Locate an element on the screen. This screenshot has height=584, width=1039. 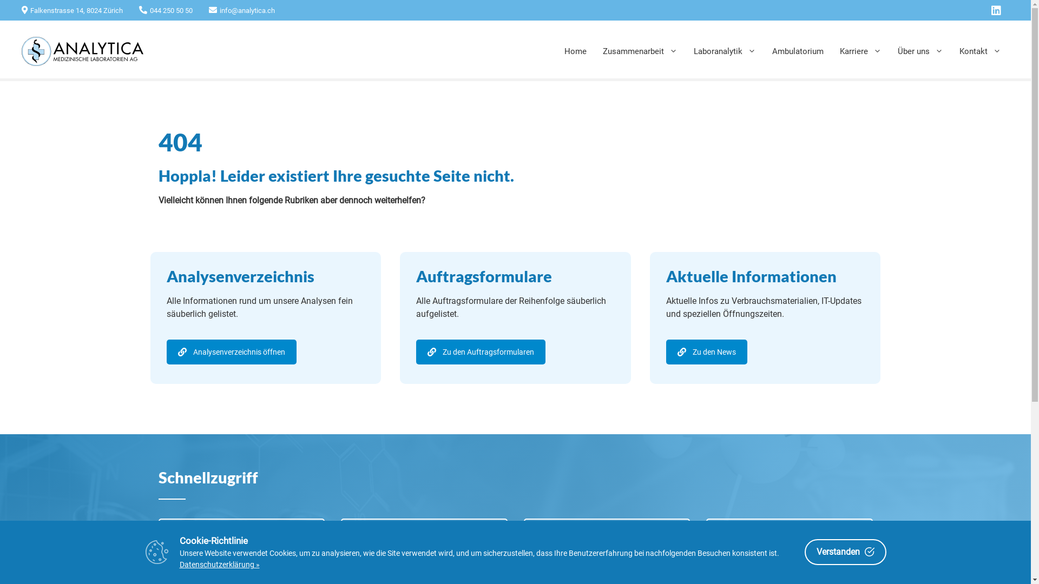
'Zusammenarbeit' is located at coordinates (594, 51).